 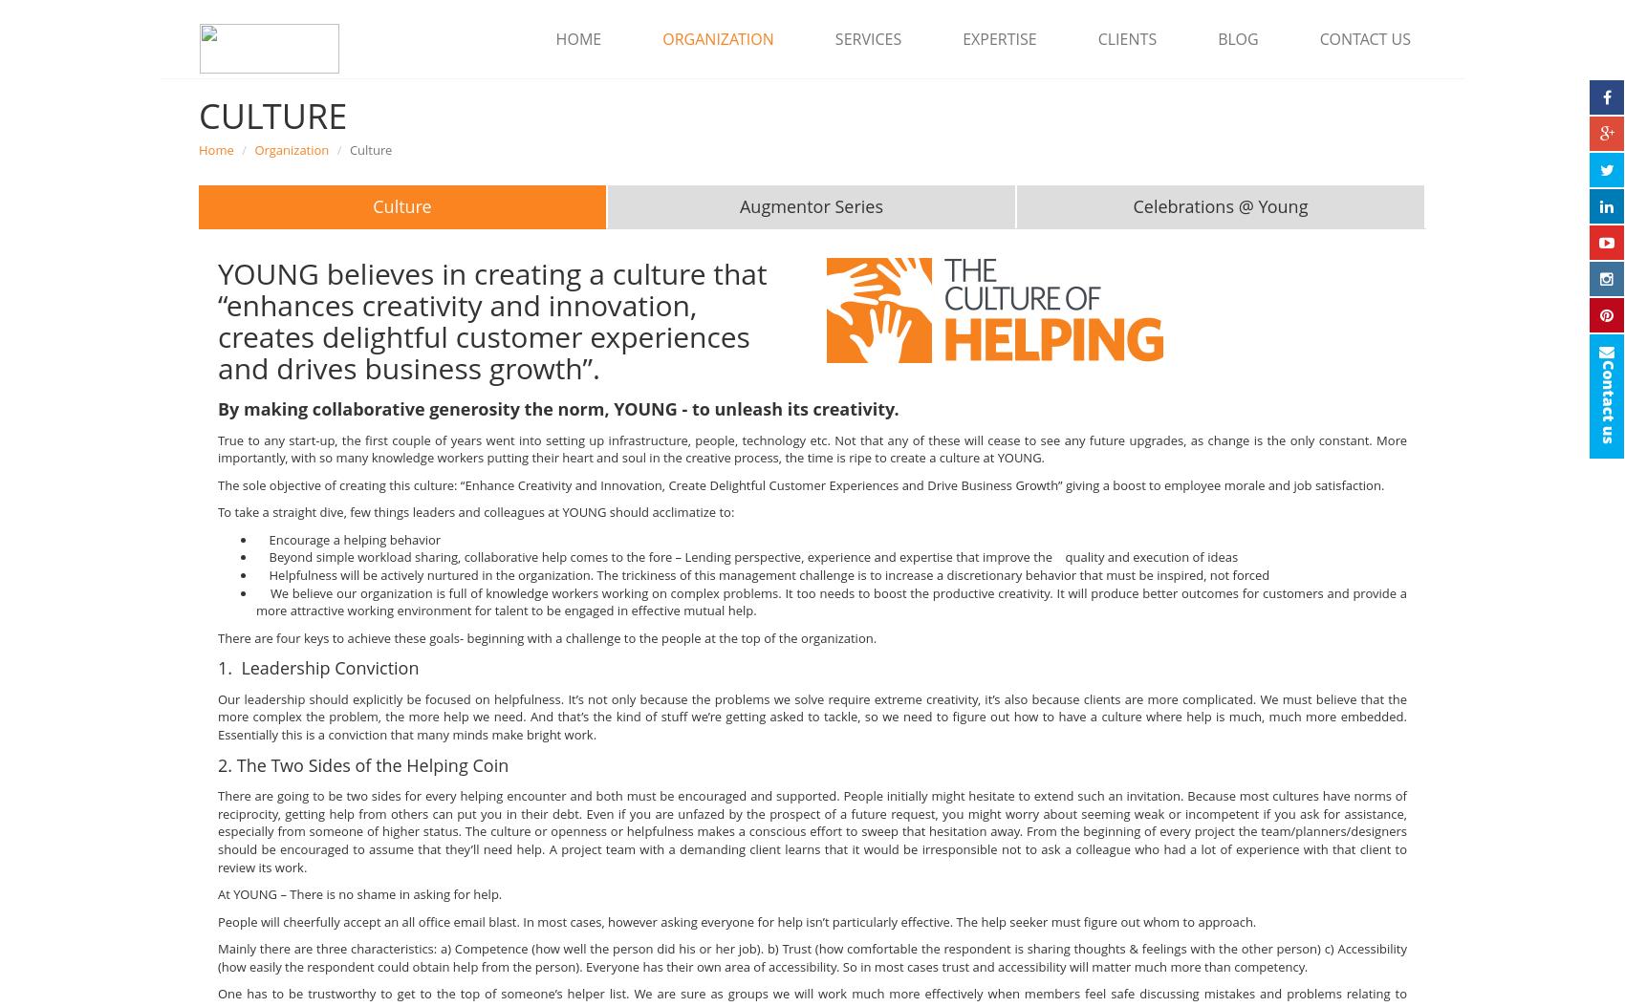 What do you see at coordinates (1220, 205) in the screenshot?
I see `'Celebrations @ Young'` at bounding box center [1220, 205].